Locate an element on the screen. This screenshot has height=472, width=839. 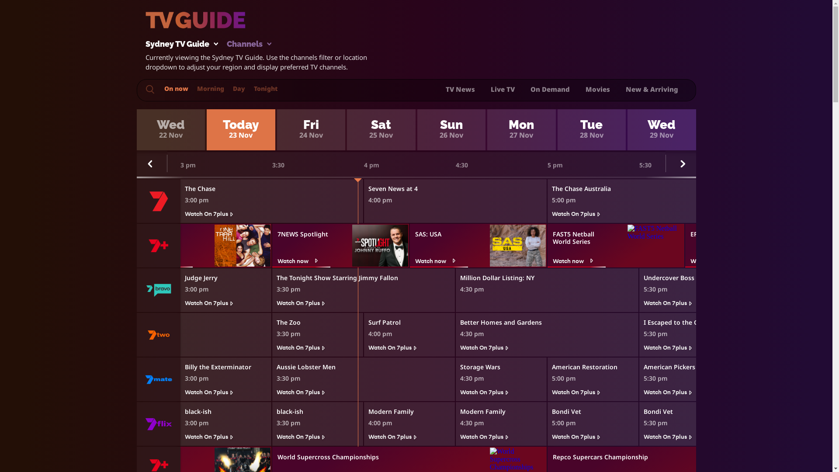
'On Demand' is located at coordinates (549, 89).